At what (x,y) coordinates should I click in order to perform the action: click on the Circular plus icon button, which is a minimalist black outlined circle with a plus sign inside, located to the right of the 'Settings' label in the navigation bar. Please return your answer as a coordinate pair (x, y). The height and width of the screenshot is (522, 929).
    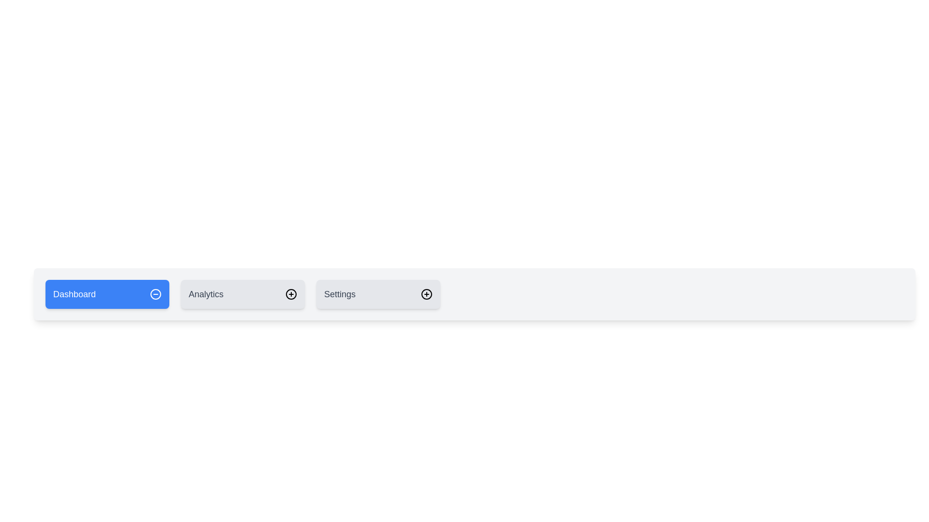
    Looking at the image, I should click on (426, 294).